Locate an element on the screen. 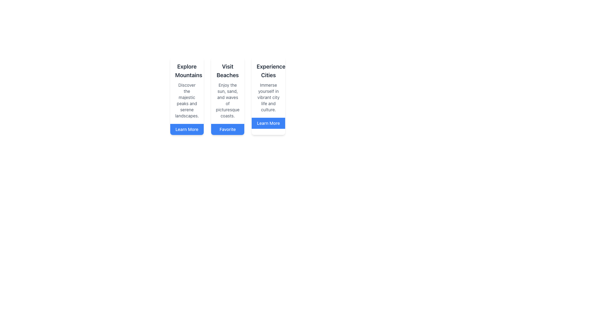  the text label displaying 'Experience Cities' which is a bold, dark gray text positioned at the top of a vertical card layout in the third column is located at coordinates (268, 71).